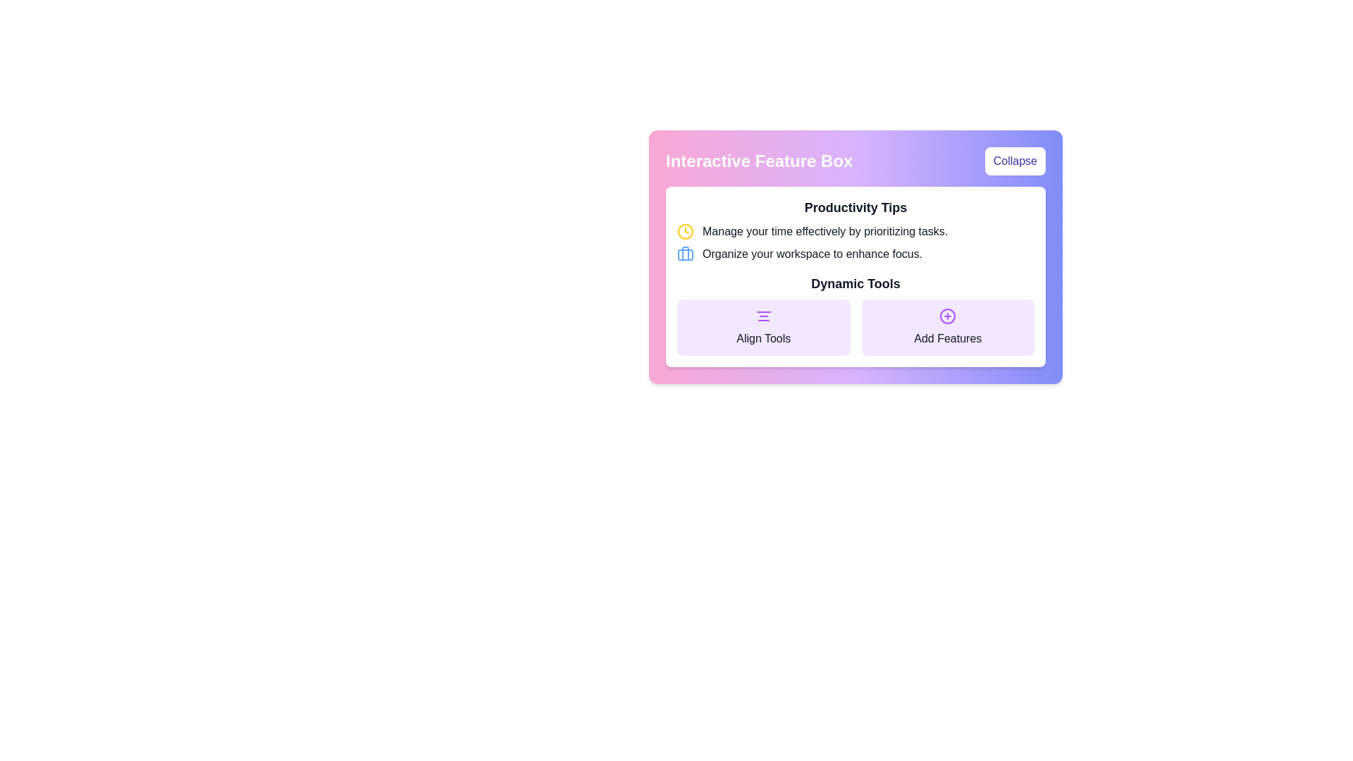 The height and width of the screenshot is (761, 1353). Describe the element at coordinates (947, 315) in the screenshot. I see `the 'Add Features' icon with a plus symbol located on the right-hand side of the purple card in the Dynamic Tools section` at that location.